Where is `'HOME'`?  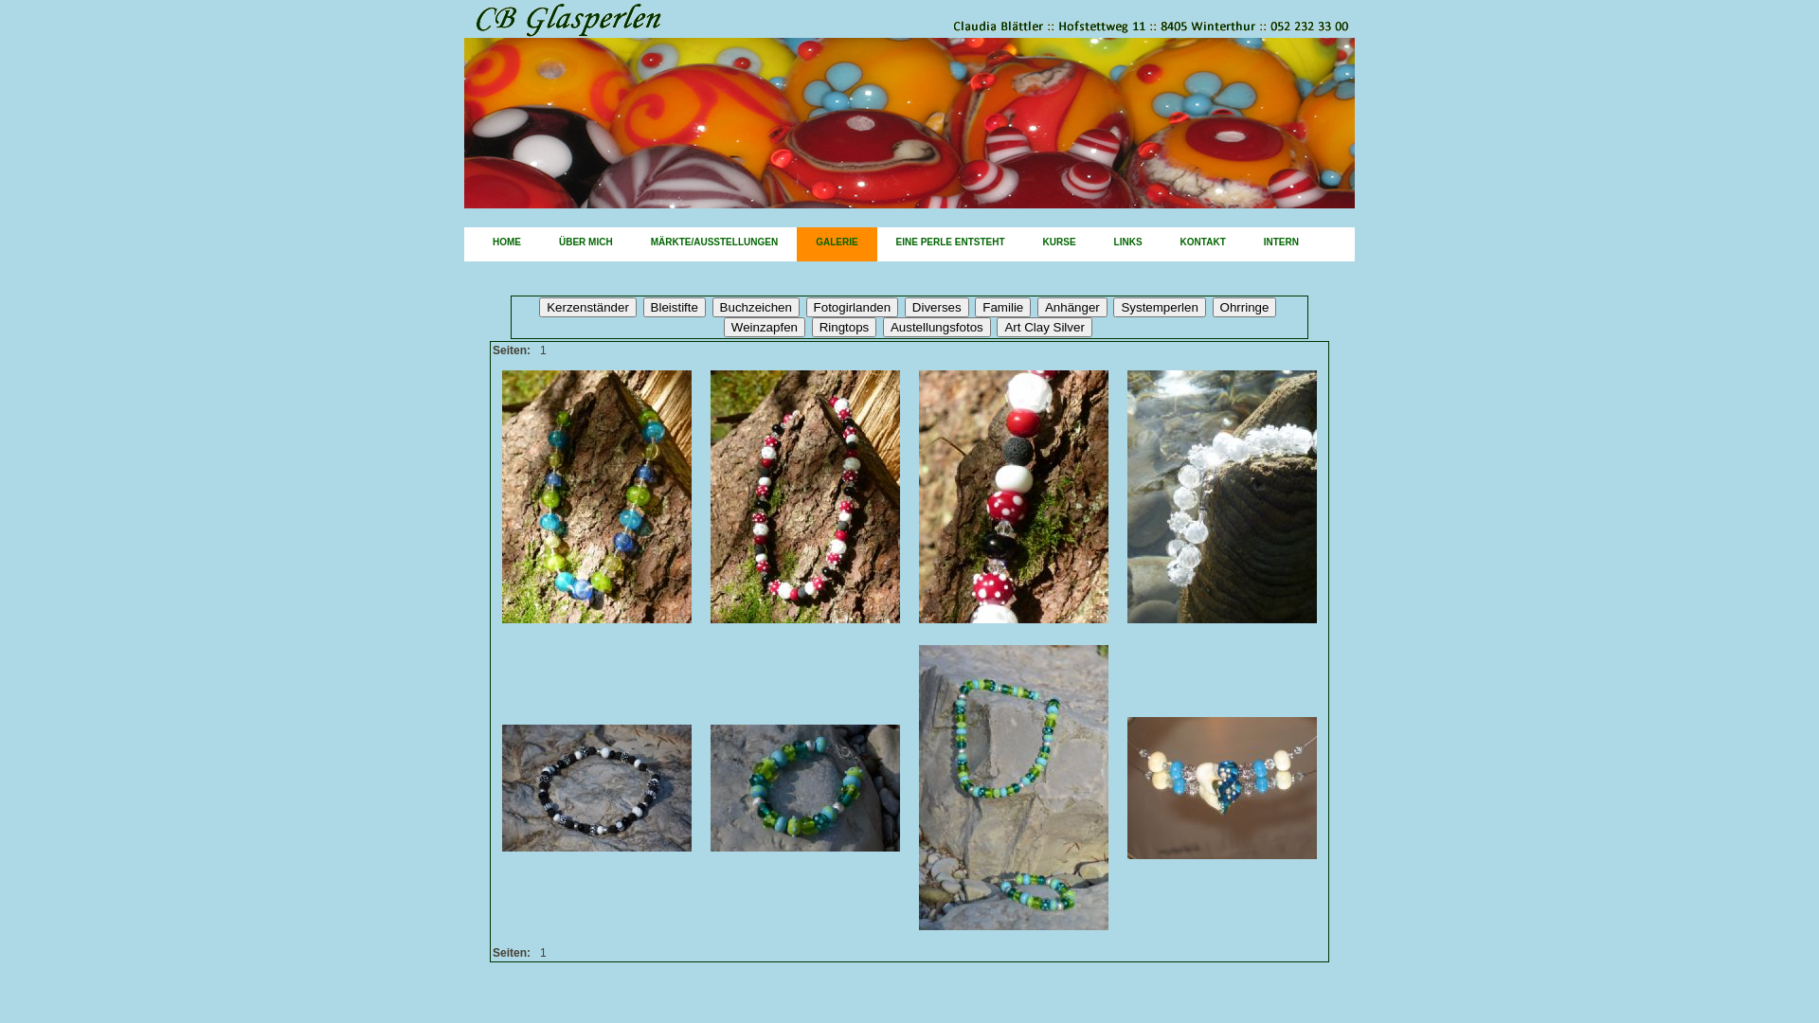 'HOME' is located at coordinates (506, 243).